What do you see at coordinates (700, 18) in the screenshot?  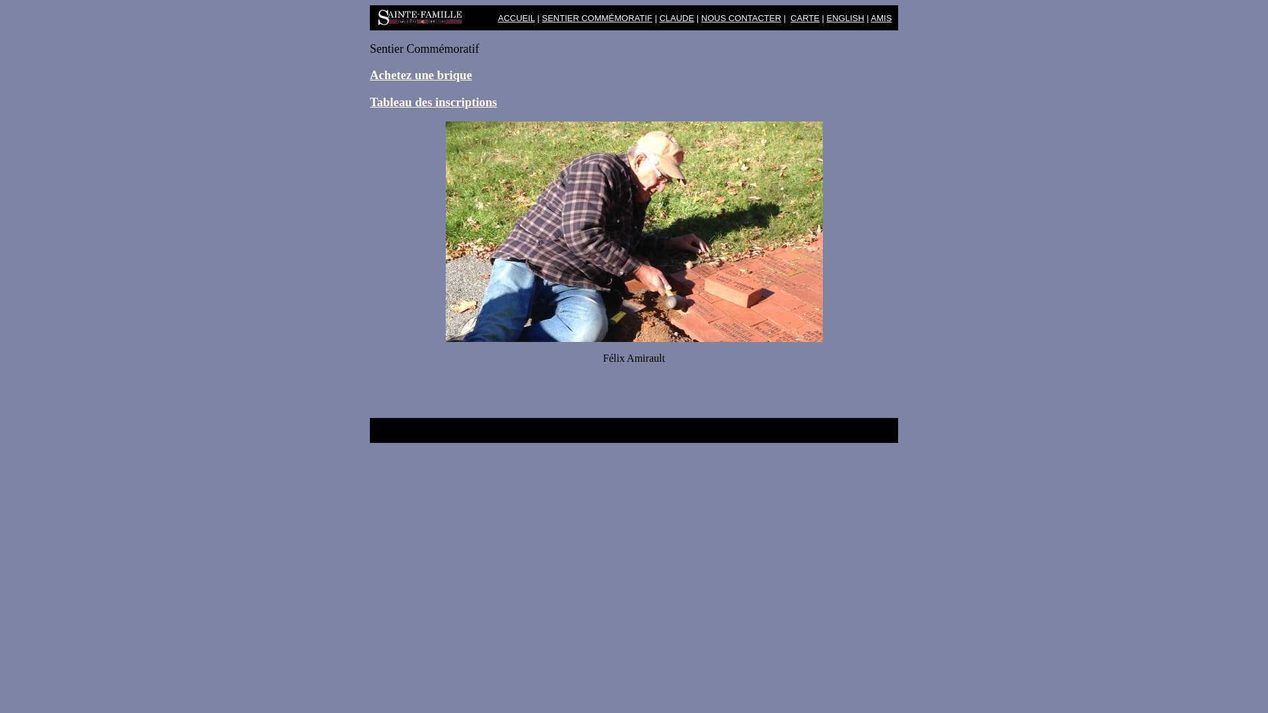 I see `'NOUS CONTACTER'` at bounding box center [700, 18].